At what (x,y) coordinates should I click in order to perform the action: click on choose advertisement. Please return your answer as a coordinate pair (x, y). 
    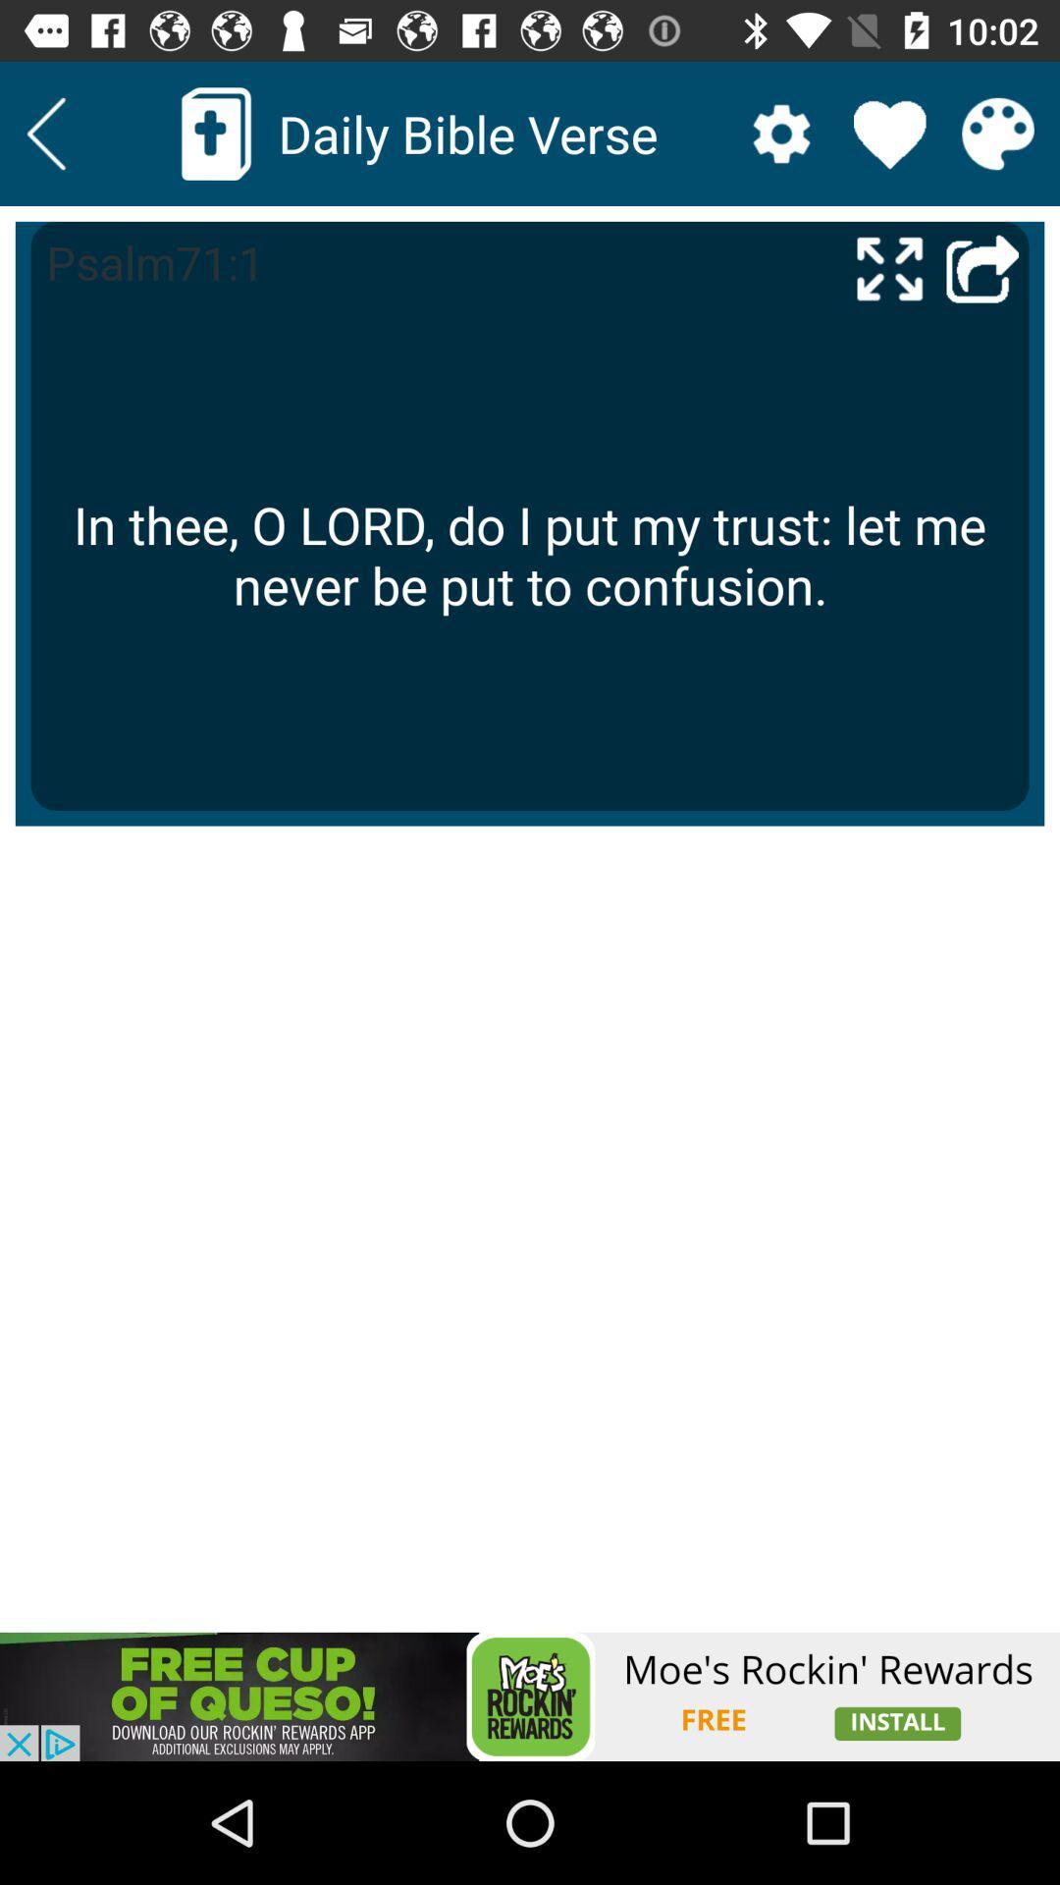
    Looking at the image, I should click on (530, 1696).